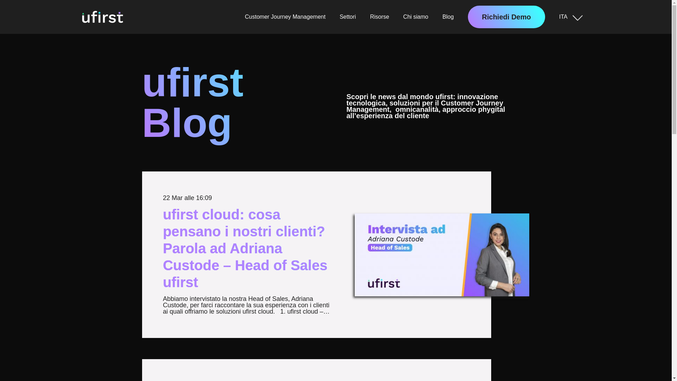  What do you see at coordinates (448, 16) in the screenshot?
I see `'Blog'` at bounding box center [448, 16].